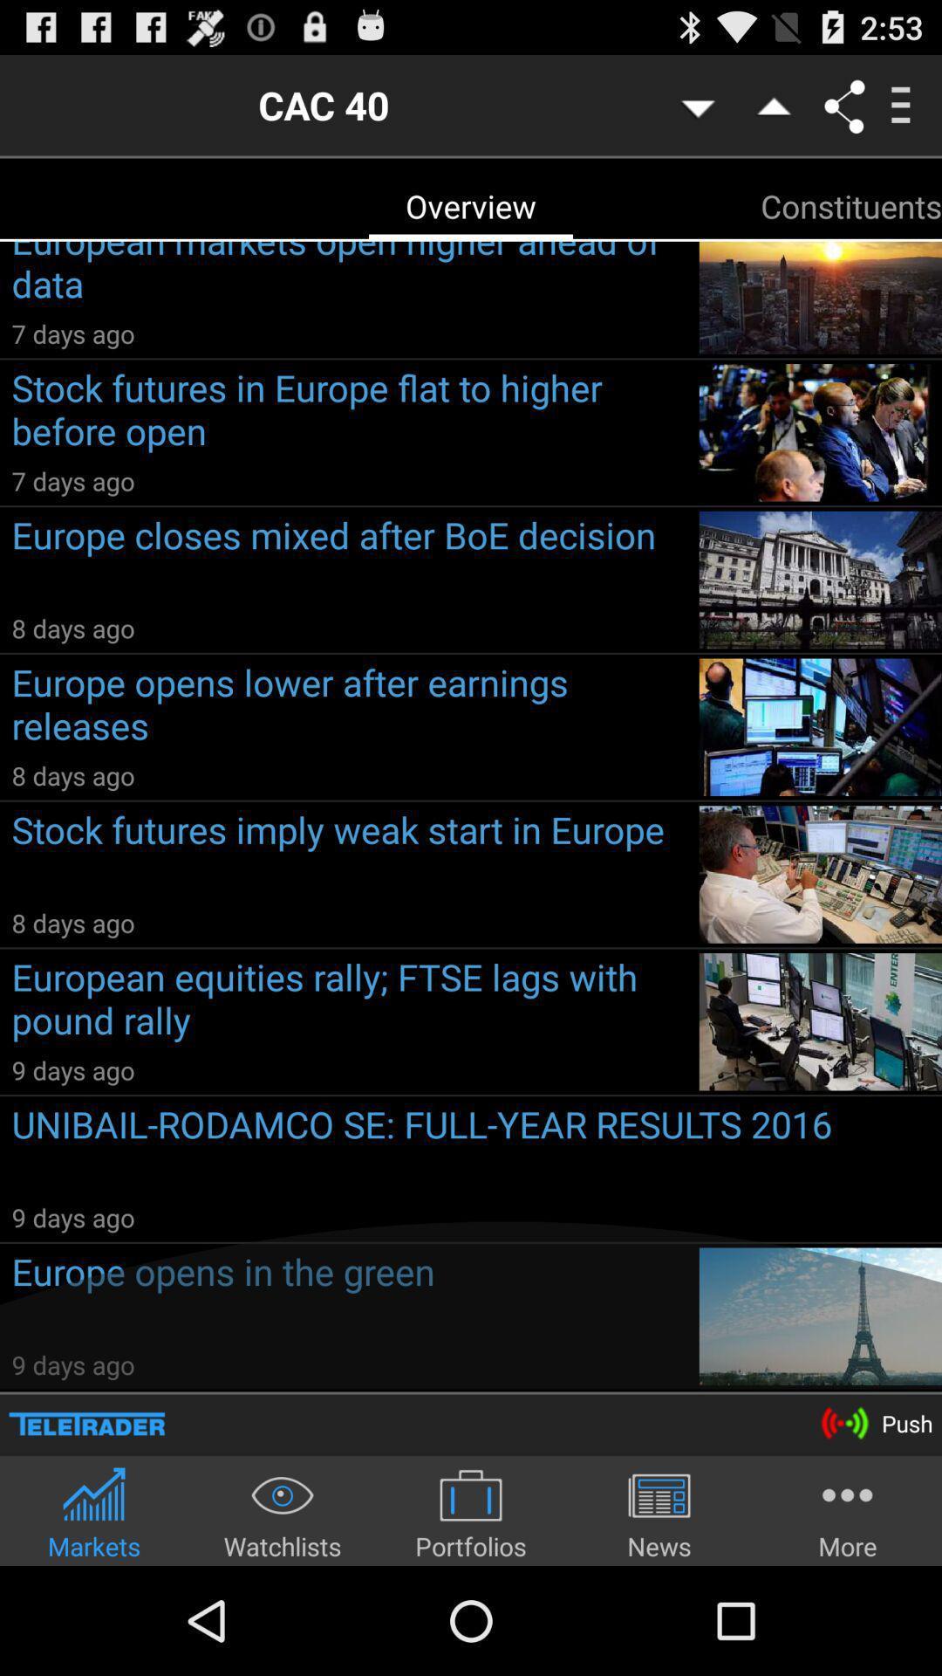 The height and width of the screenshot is (1676, 942). I want to click on the item above the 9 days ago item, so click(349, 1002).